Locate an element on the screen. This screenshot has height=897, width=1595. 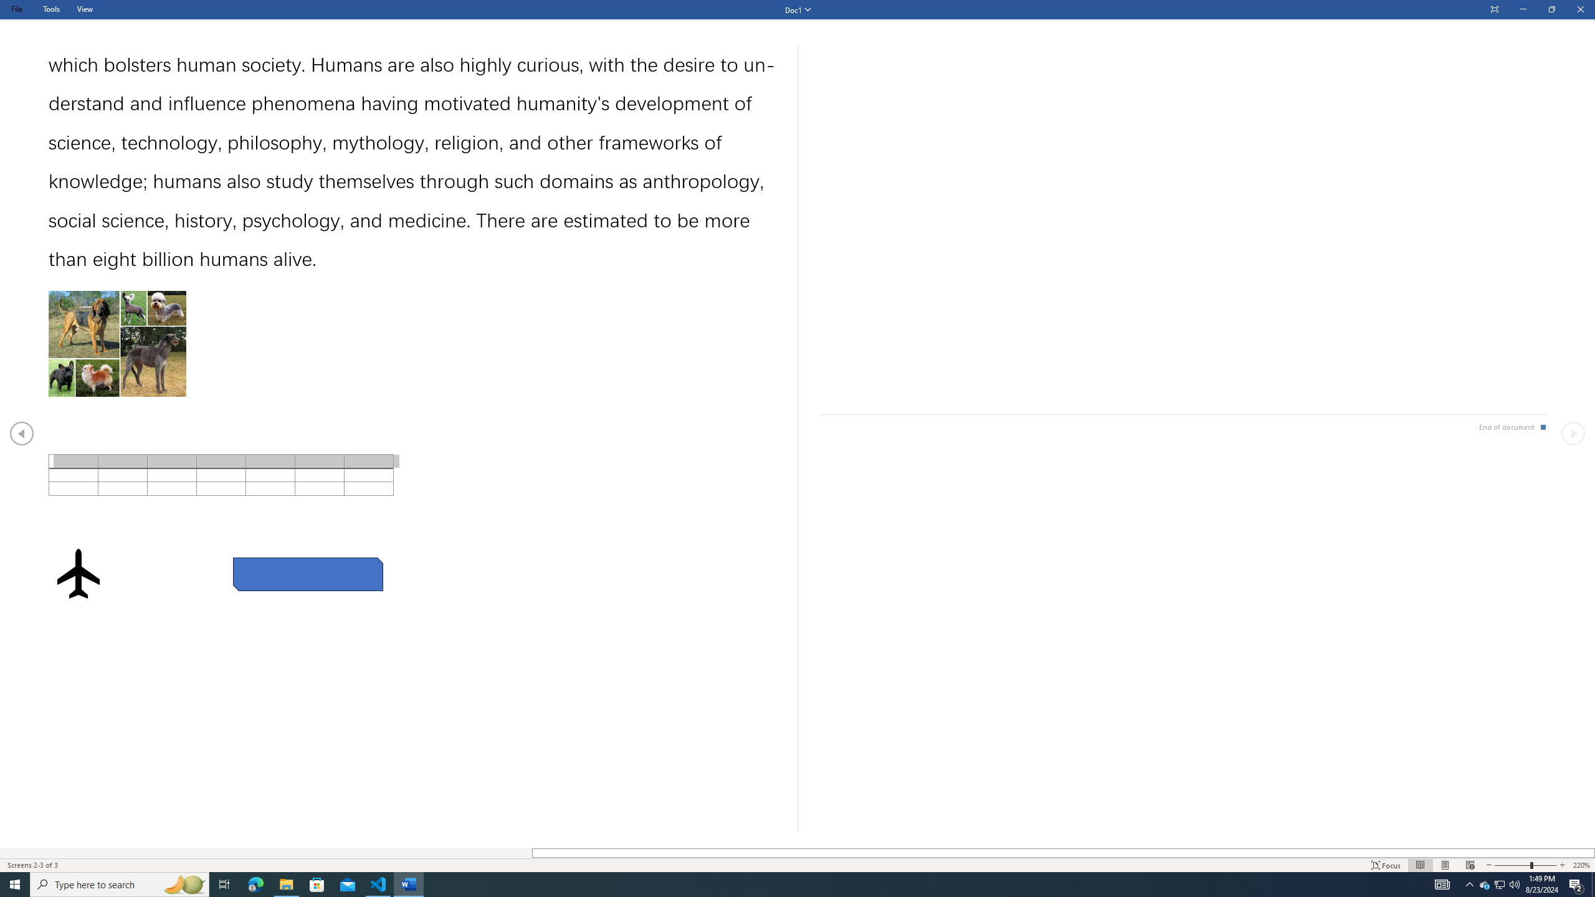
'Tools' is located at coordinates (50, 9).